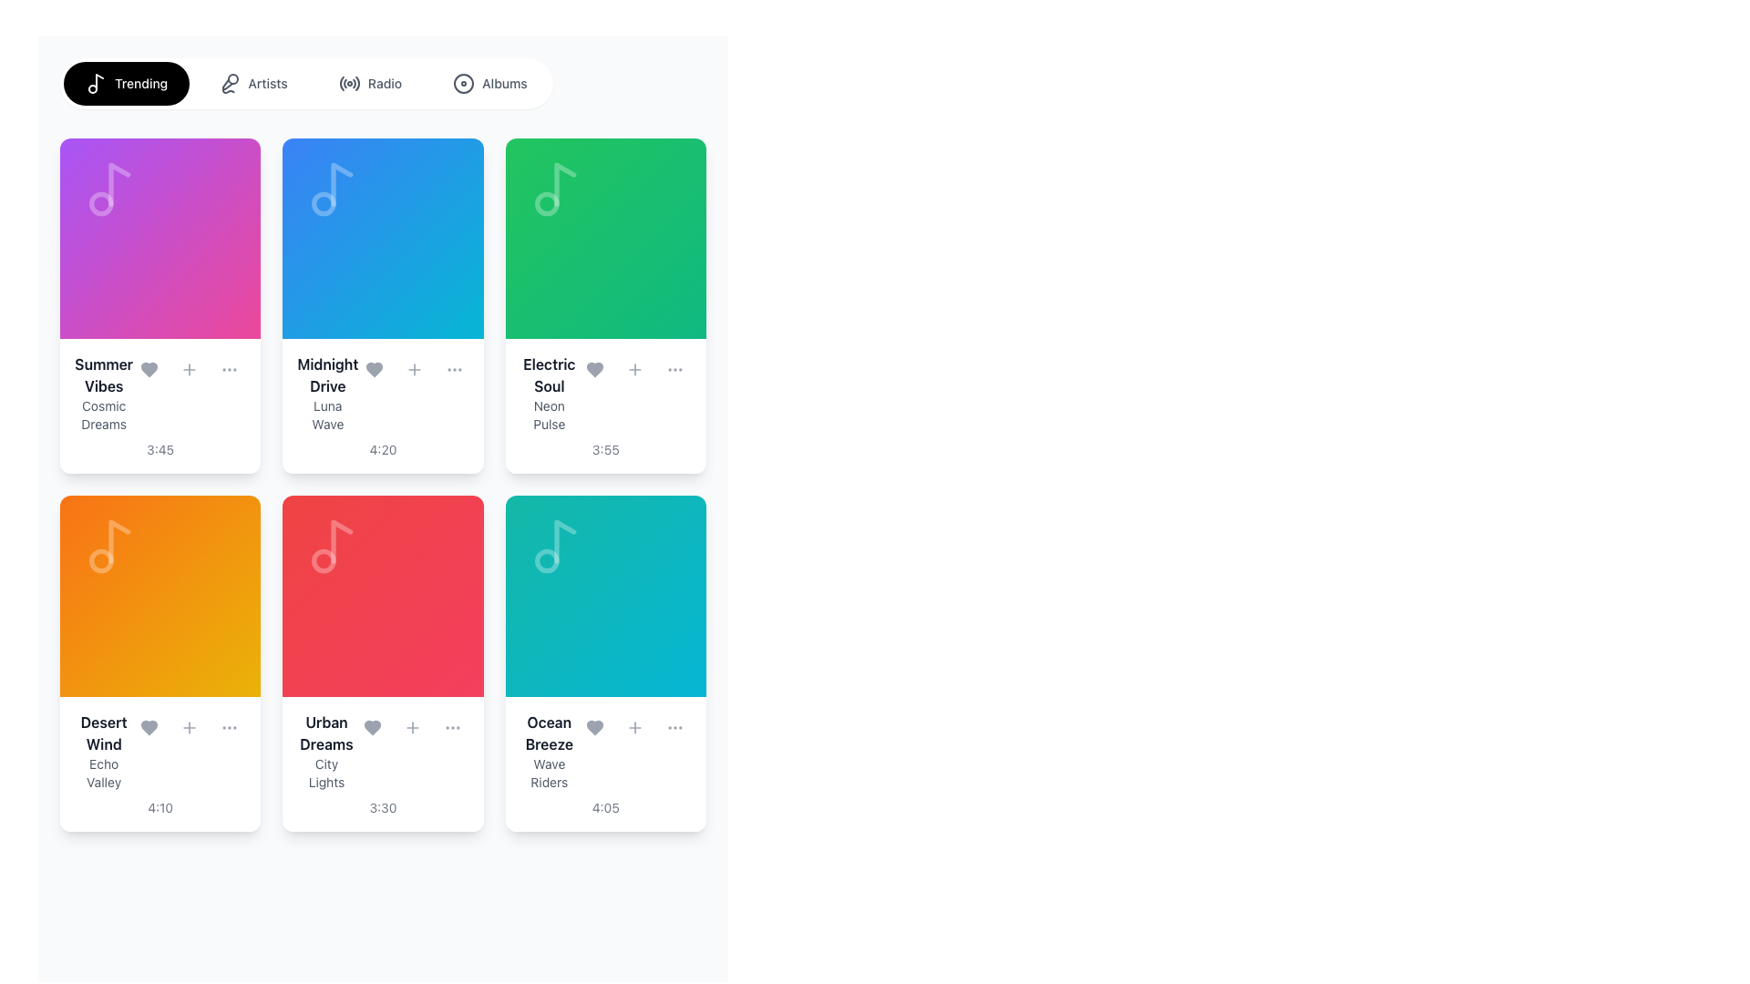 Image resolution: width=1750 pixels, height=984 pixels. What do you see at coordinates (190, 726) in the screenshot?
I see `the plus icon button located in the bottom row of the 'Desert Wind' card, which is positioned to the right of the heart icon and to the left of the three-dot menu icon` at bounding box center [190, 726].